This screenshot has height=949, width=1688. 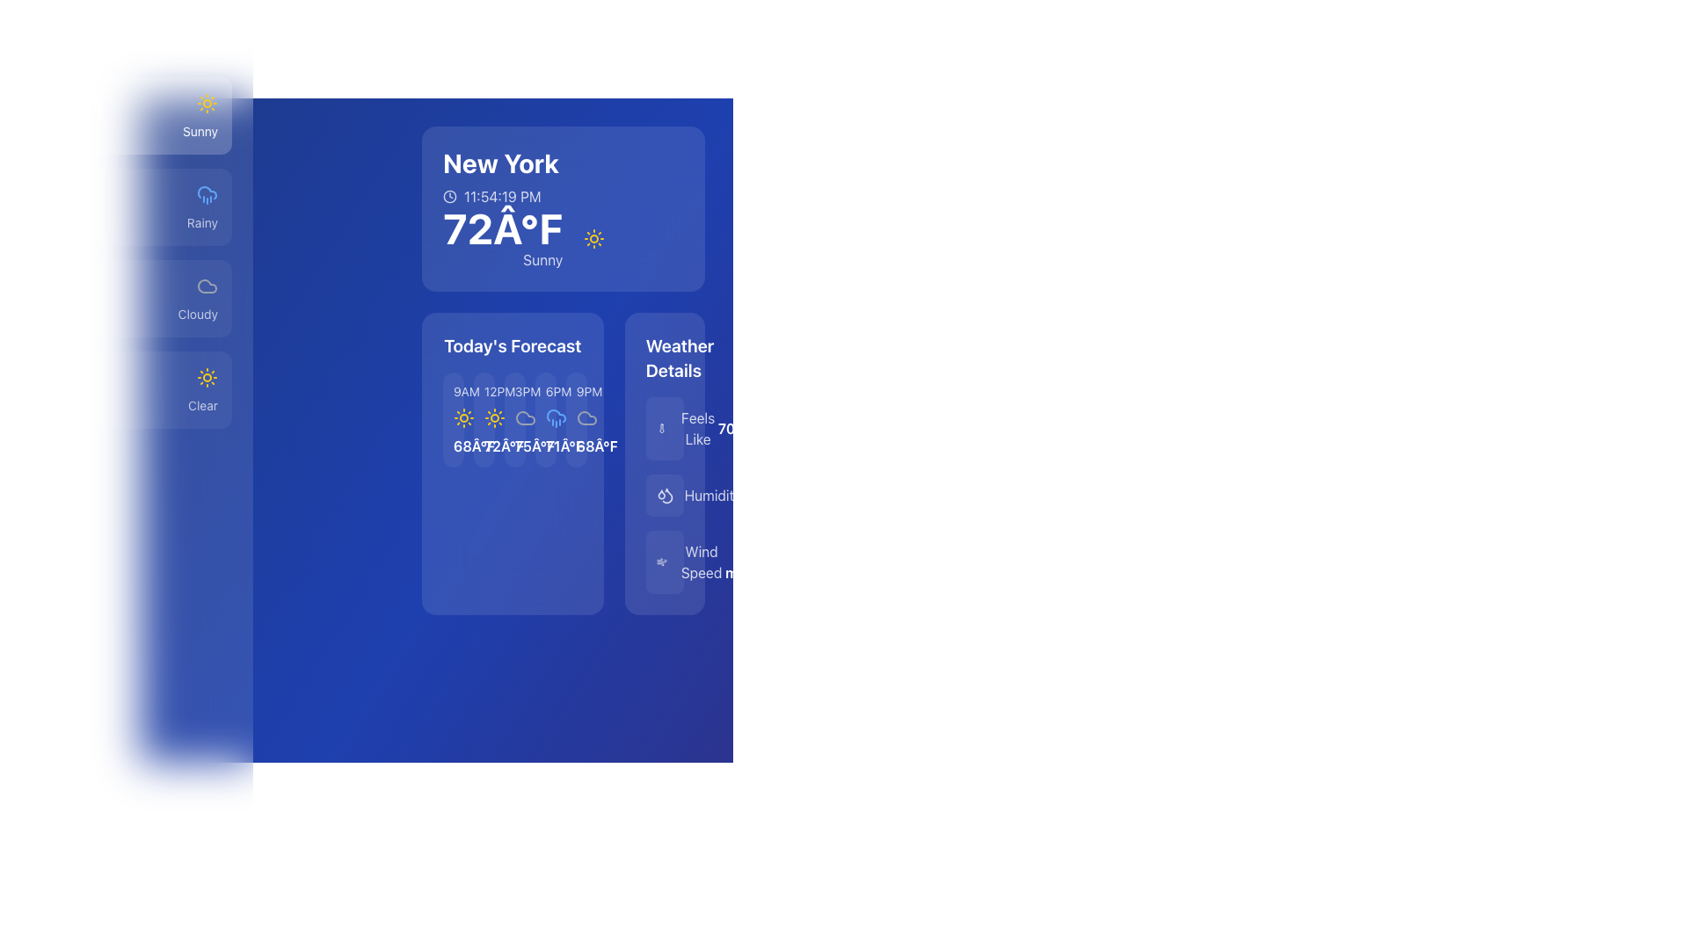 What do you see at coordinates (555, 417) in the screenshot?
I see `the rainy weather icon, which is styled in blue and features cloud and rain symbols, located in the second slot of the vertical list of weather condition indicators on the left pane` at bounding box center [555, 417].